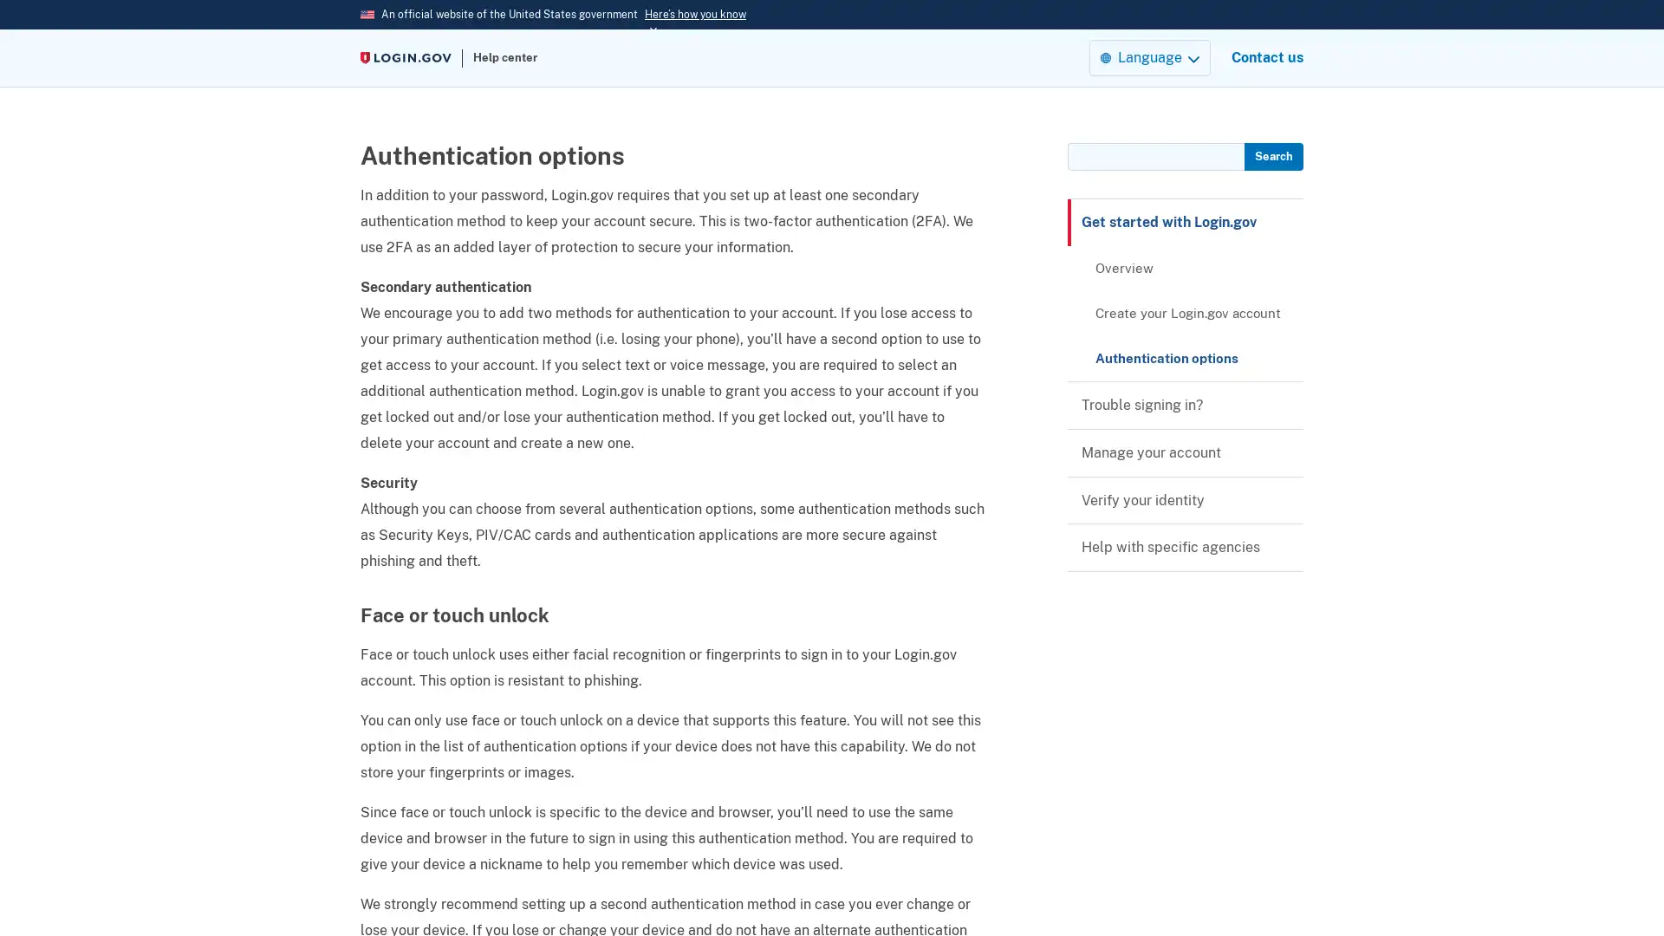 Image resolution: width=1664 pixels, height=936 pixels. Describe the element at coordinates (1149, 56) in the screenshot. I see `Language` at that location.